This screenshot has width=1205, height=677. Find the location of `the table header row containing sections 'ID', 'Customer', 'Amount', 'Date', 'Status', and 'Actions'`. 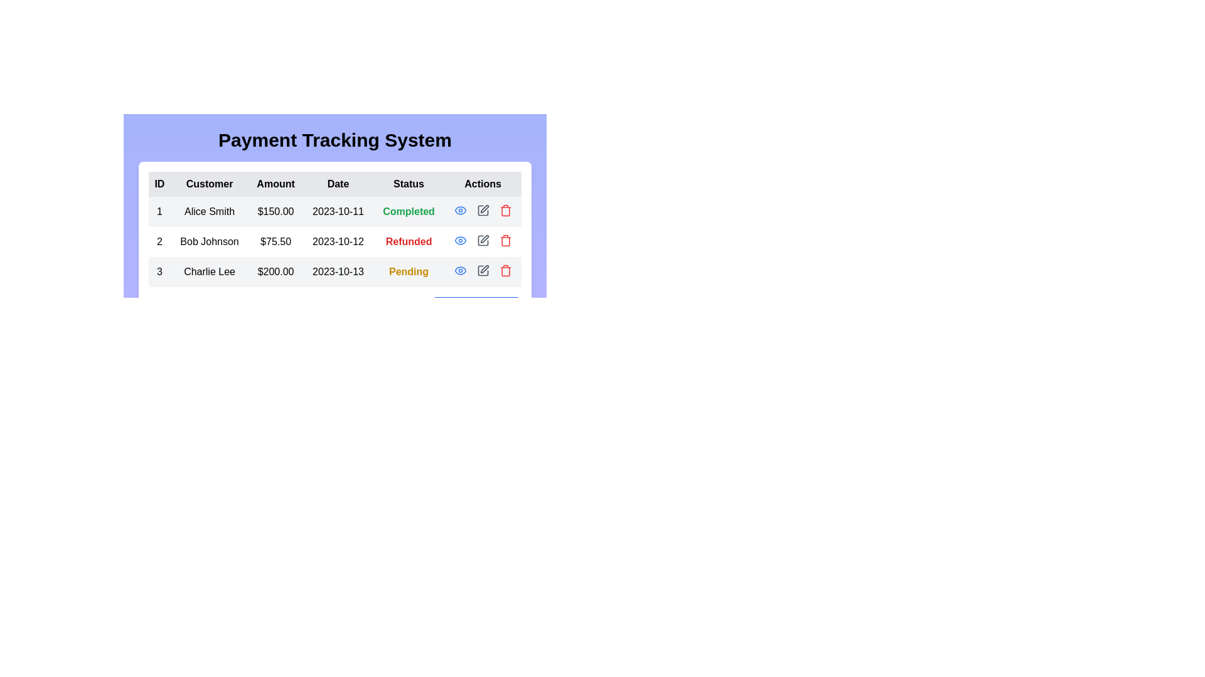

the table header row containing sections 'ID', 'Customer', 'Amount', 'Date', 'Status', and 'Actions' is located at coordinates (335, 184).